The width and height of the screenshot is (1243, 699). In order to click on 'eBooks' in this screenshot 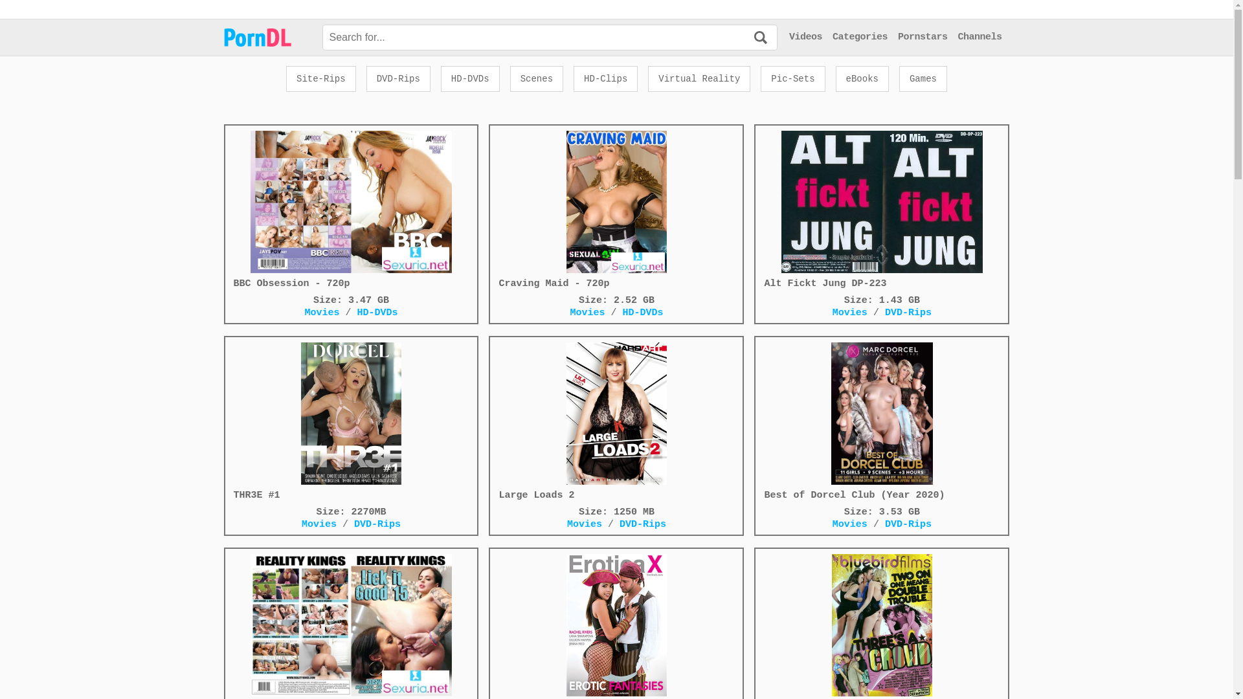, I will do `click(862, 79)`.